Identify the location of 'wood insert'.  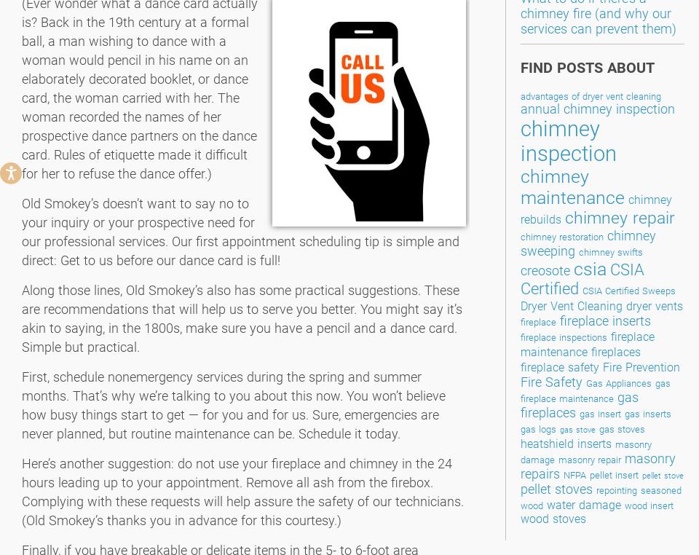
(648, 505).